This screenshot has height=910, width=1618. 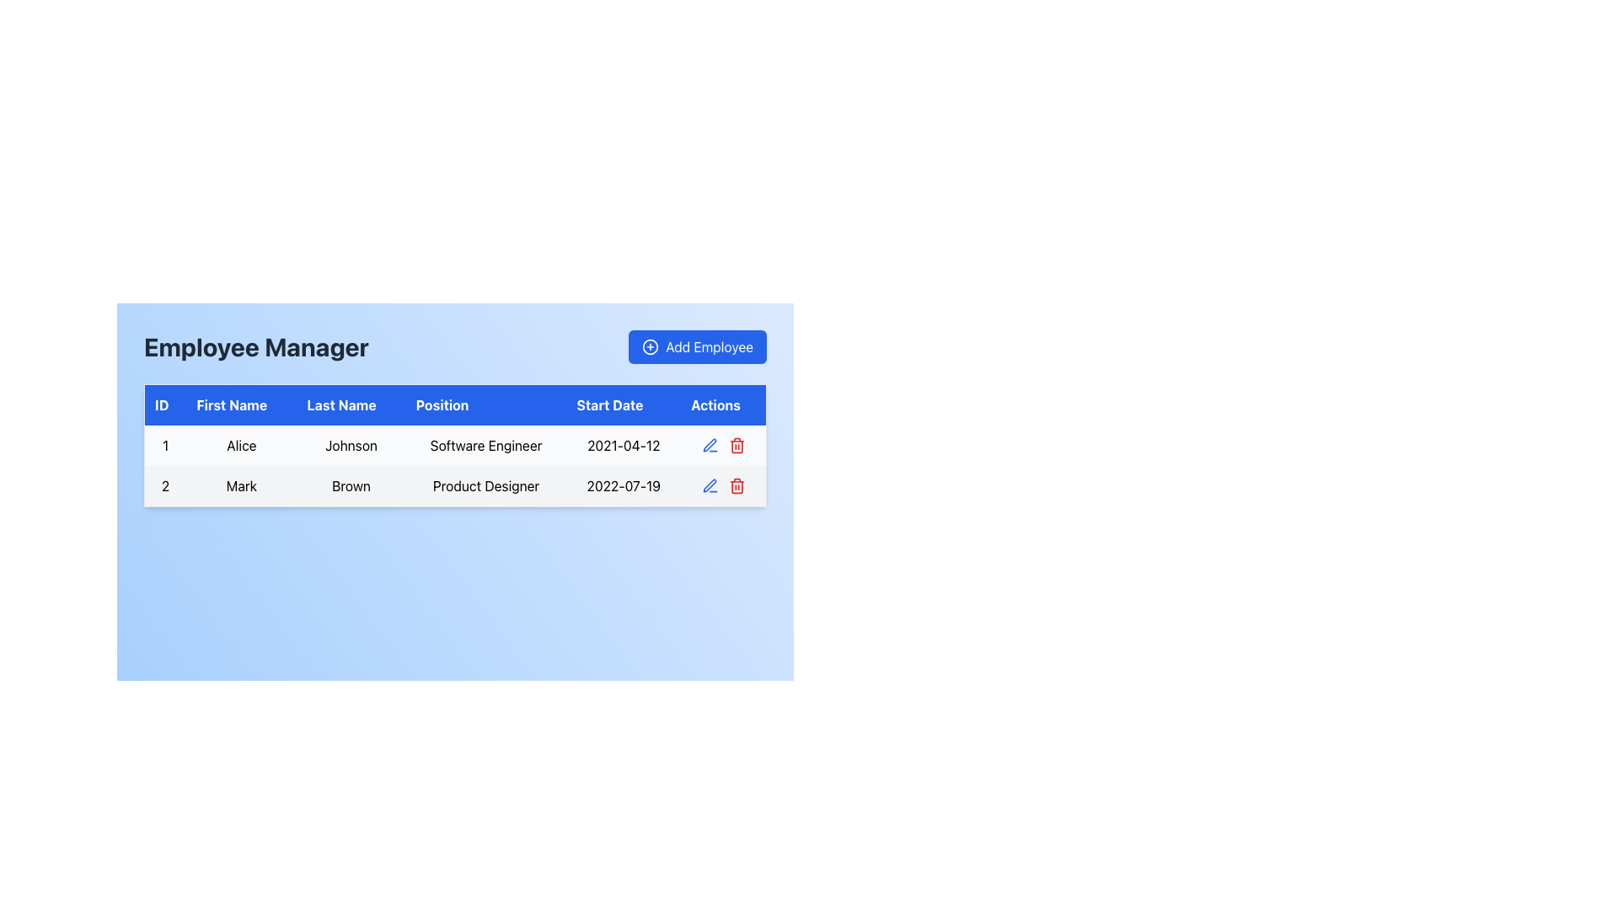 What do you see at coordinates (623, 444) in the screenshot?
I see `the text label displaying the start date of Alice Johnson, a Software Engineer, located in the 'Start Date' column of the first row of the table` at bounding box center [623, 444].